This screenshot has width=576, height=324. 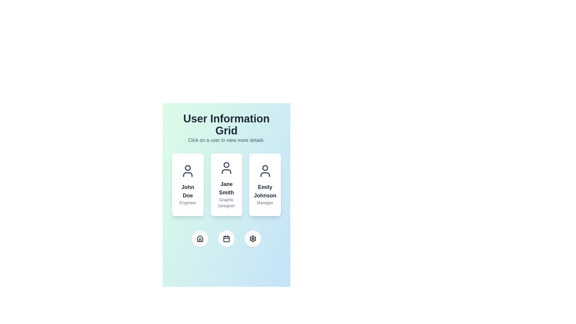 What do you see at coordinates (226, 124) in the screenshot?
I see `title of the section, which is the bold heading 'User Information Grid' located at the top of the interface` at bounding box center [226, 124].